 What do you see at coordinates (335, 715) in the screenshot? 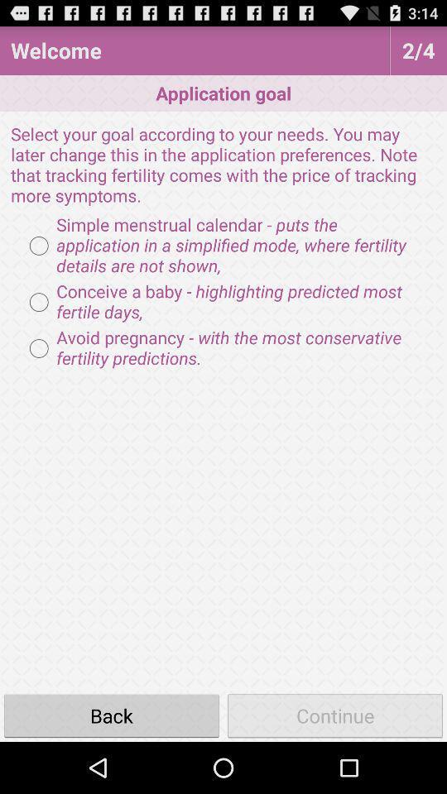
I see `button next to the back button` at bounding box center [335, 715].